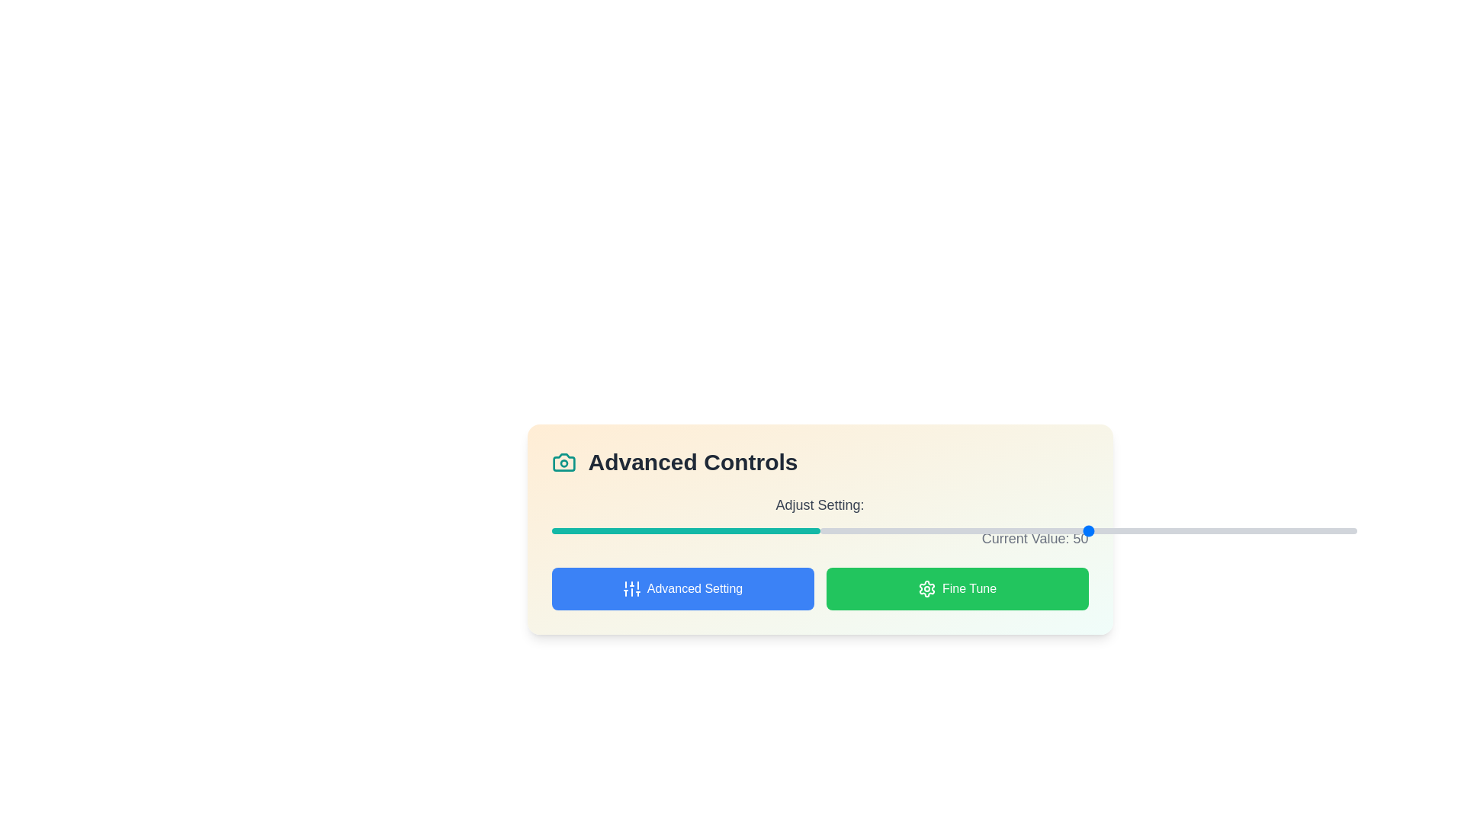 The height and width of the screenshot is (823, 1464). What do you see at coordinates (1173, 530) in the screenshot?
I see `the slider value` at bounding box center [1173, 530].